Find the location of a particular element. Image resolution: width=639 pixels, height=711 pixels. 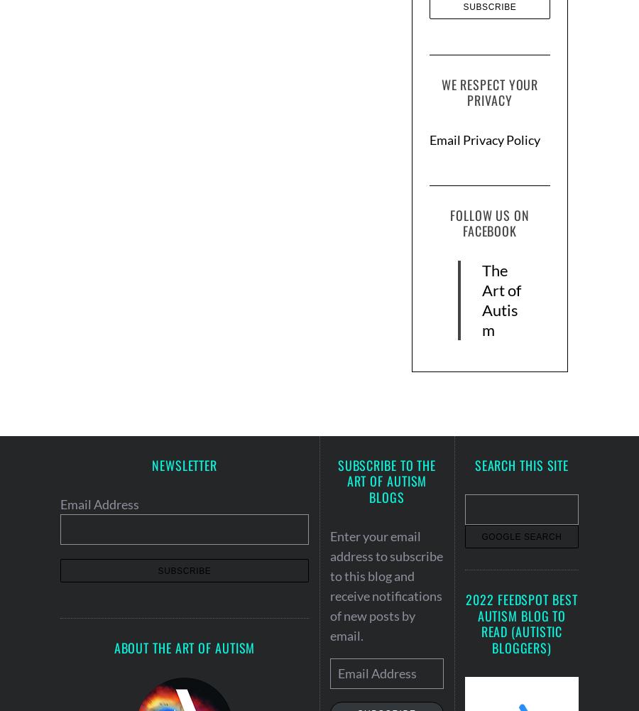

'Email Address' is located at coordinates (99, 504).